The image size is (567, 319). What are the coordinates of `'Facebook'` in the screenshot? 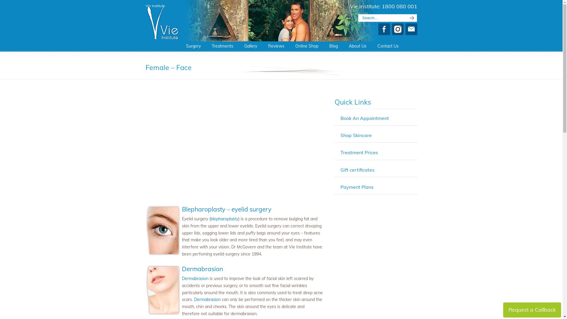 It's located at (384, 34).